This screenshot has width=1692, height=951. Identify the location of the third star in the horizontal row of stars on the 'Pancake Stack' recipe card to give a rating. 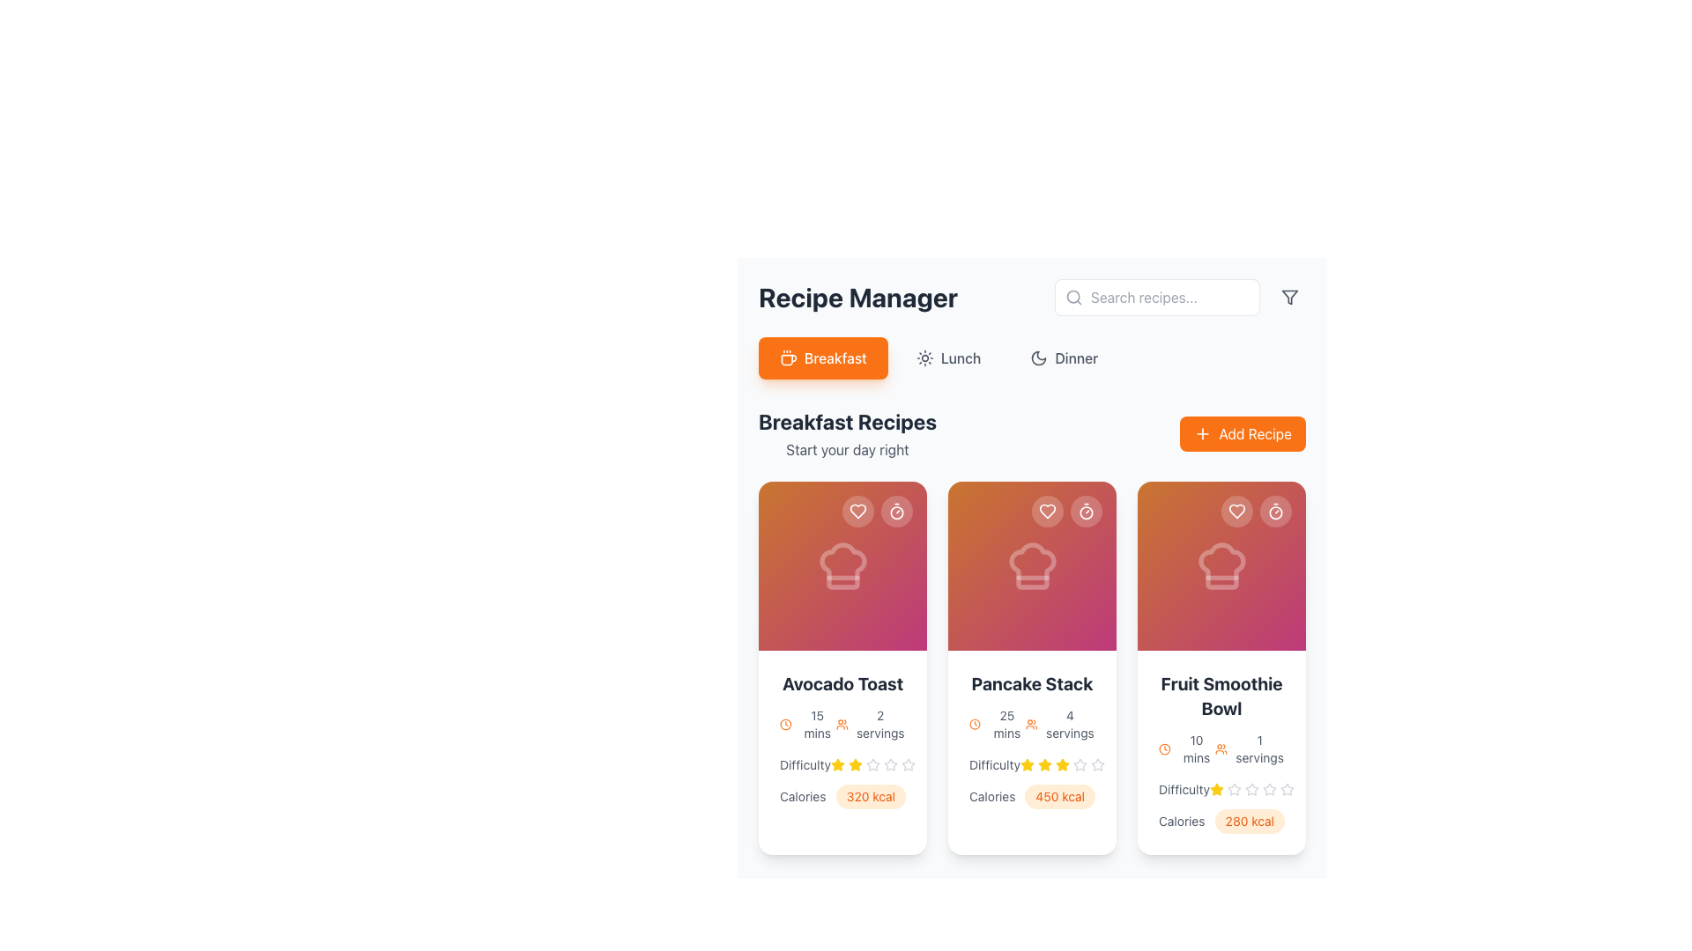
(1079, 763).